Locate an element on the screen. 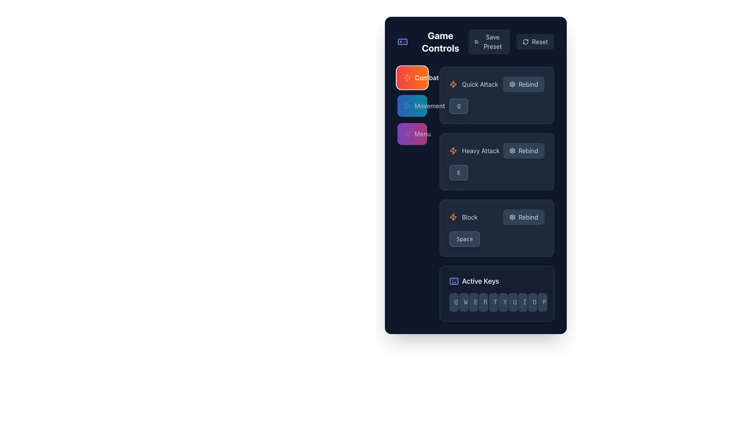 This screenshot has width=751, height=422. the 'Heavy Attack' button that indicates the key binding for the Heavy Attack control, positioned below the 'Heavy Attack' text and to the left of the 'Rebind' button is located at coordinates (459, 172).